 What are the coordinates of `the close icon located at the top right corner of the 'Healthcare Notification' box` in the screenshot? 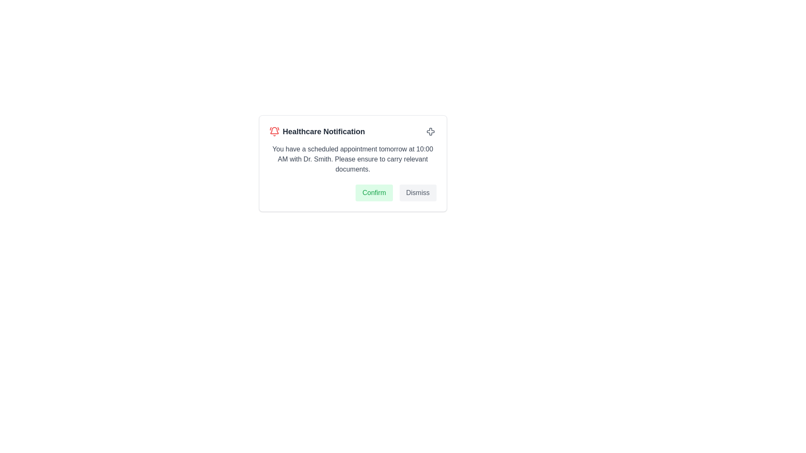 It's located at (430, 131).